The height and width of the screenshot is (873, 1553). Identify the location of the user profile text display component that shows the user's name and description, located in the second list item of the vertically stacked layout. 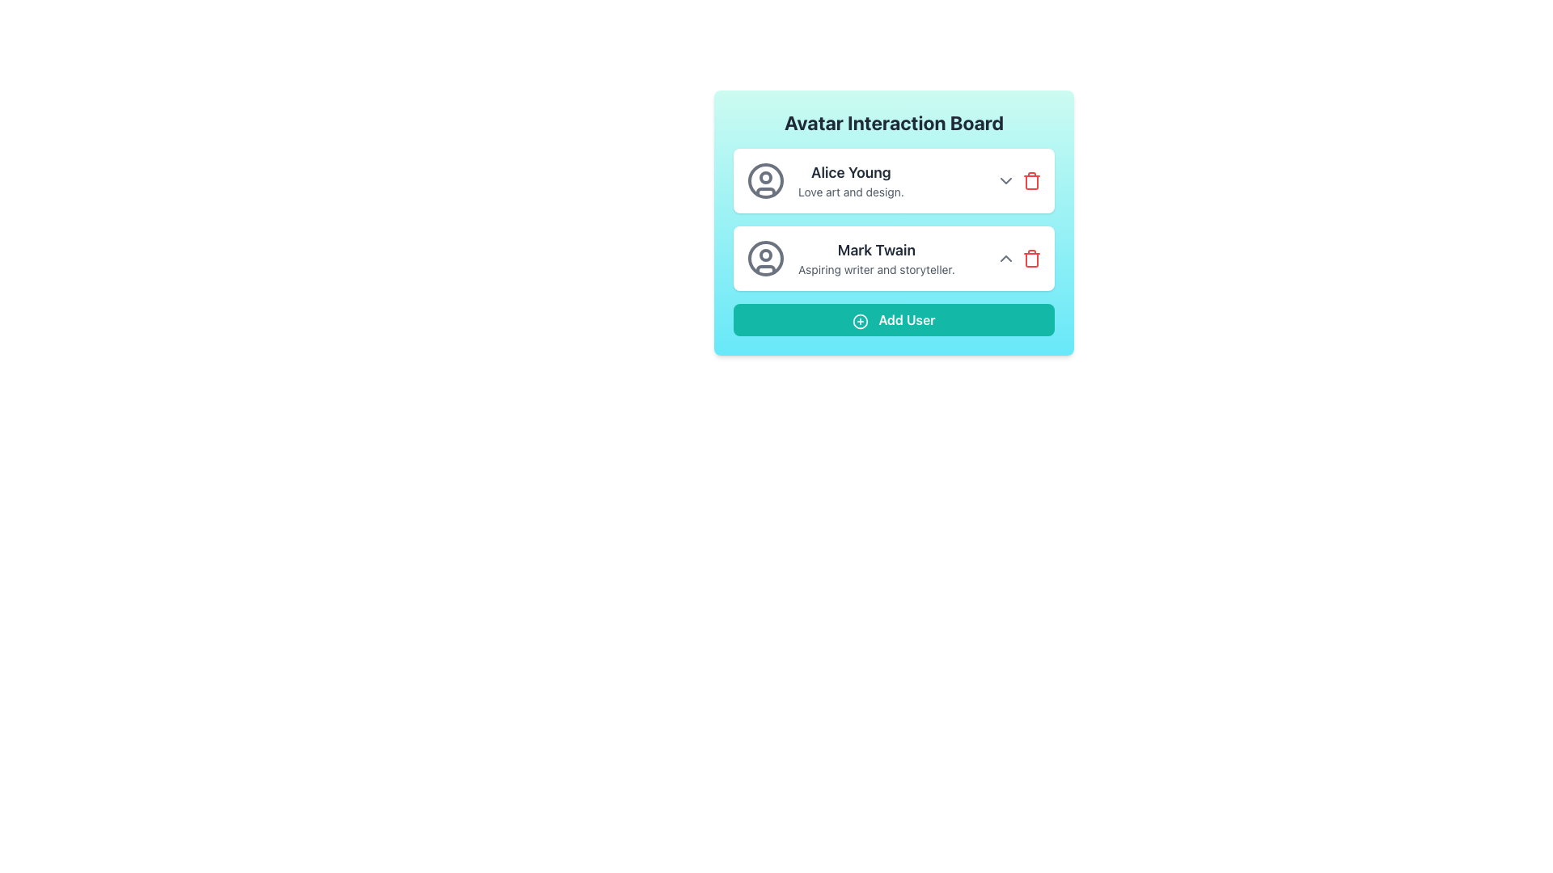
(875, 258).